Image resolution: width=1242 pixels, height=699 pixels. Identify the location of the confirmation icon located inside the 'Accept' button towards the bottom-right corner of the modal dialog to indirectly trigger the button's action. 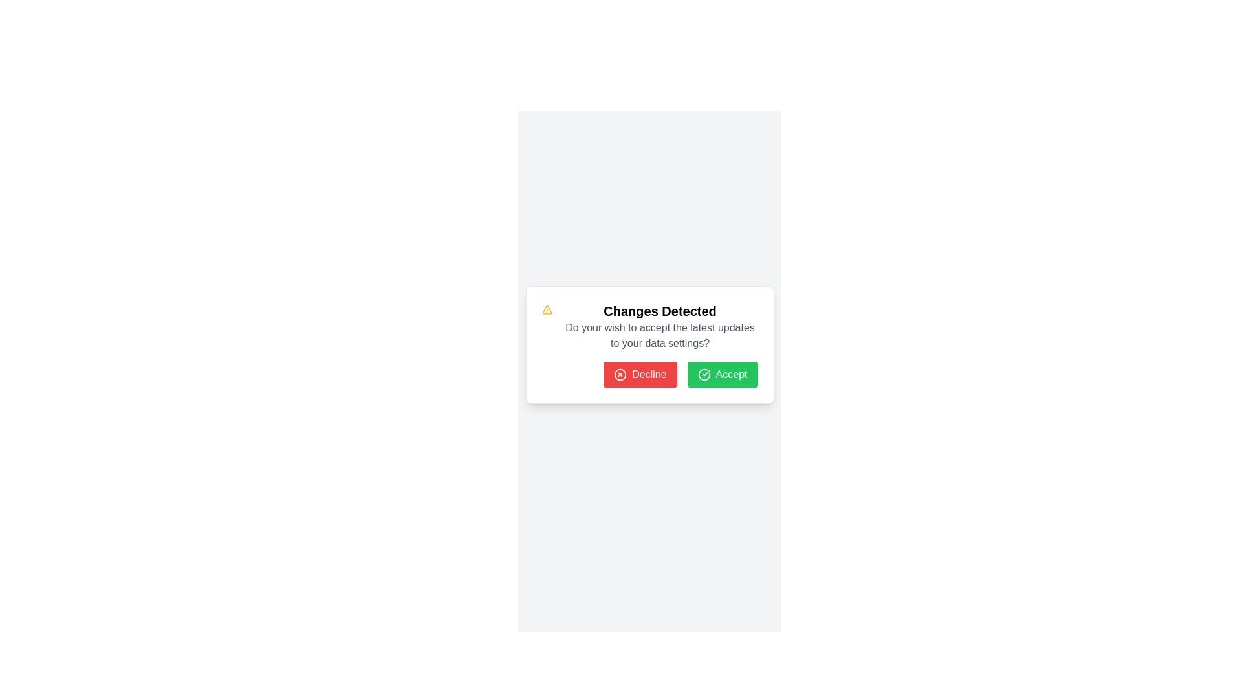
(703, 374).